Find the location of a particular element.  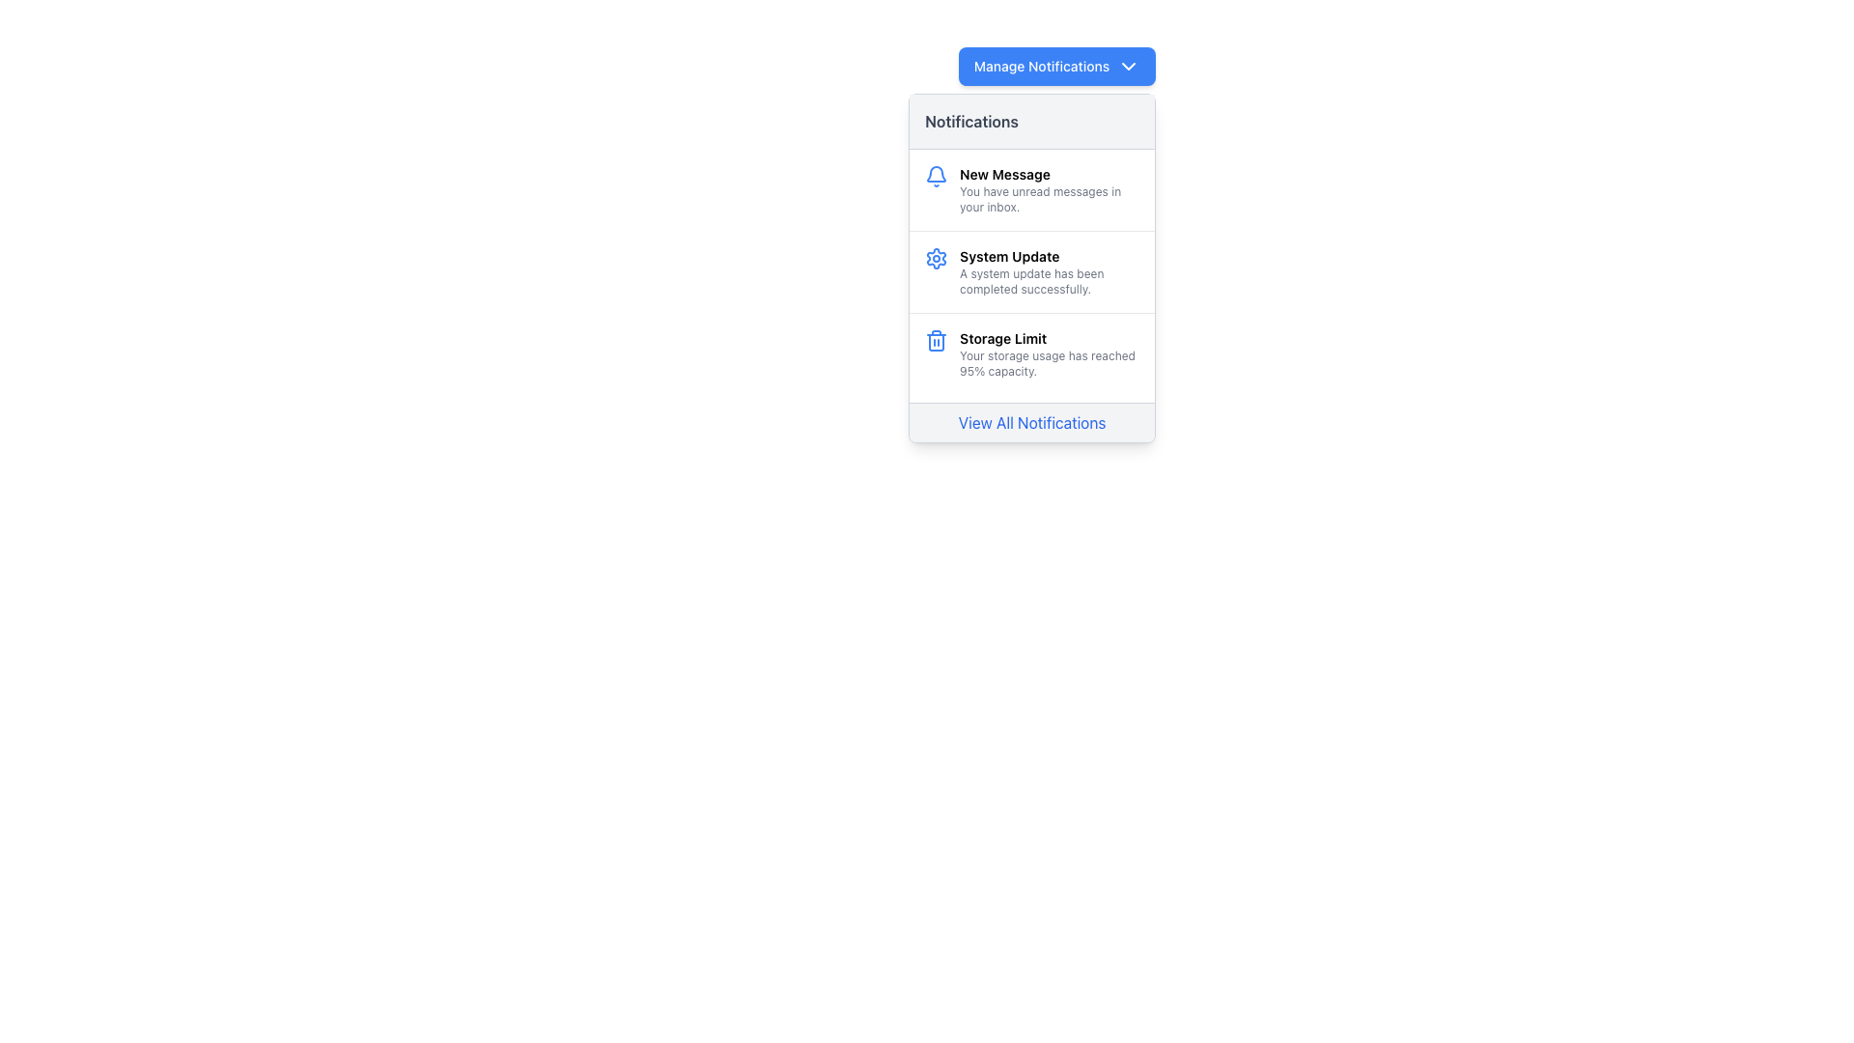

the label that confirms the completion of the system update, positioned under the 'System Update' text in the notification card is located at coordinates (1049, 282).